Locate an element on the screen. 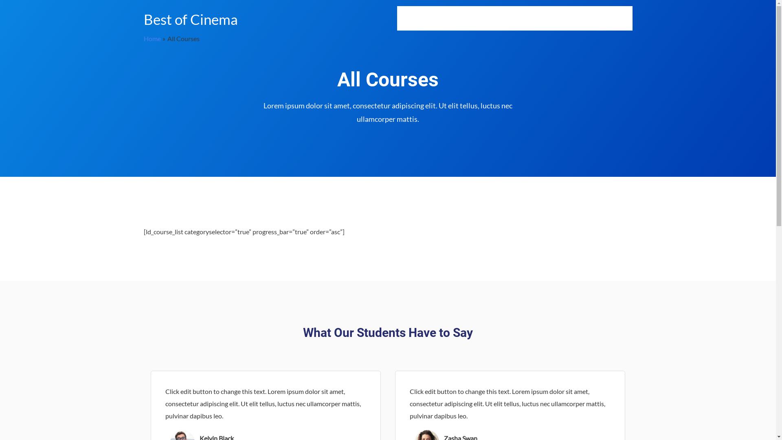  'Jury' is located at coordinates (573, 18).